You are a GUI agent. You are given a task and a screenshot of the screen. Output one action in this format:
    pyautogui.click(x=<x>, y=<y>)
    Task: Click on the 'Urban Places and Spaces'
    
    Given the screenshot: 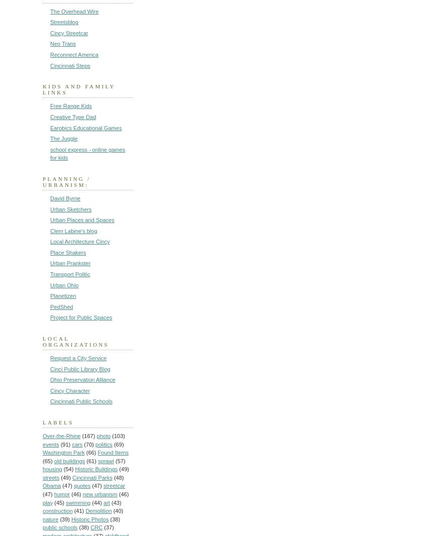 What is the action you would take?
    pyautogui.click(x=82, y=220)
    